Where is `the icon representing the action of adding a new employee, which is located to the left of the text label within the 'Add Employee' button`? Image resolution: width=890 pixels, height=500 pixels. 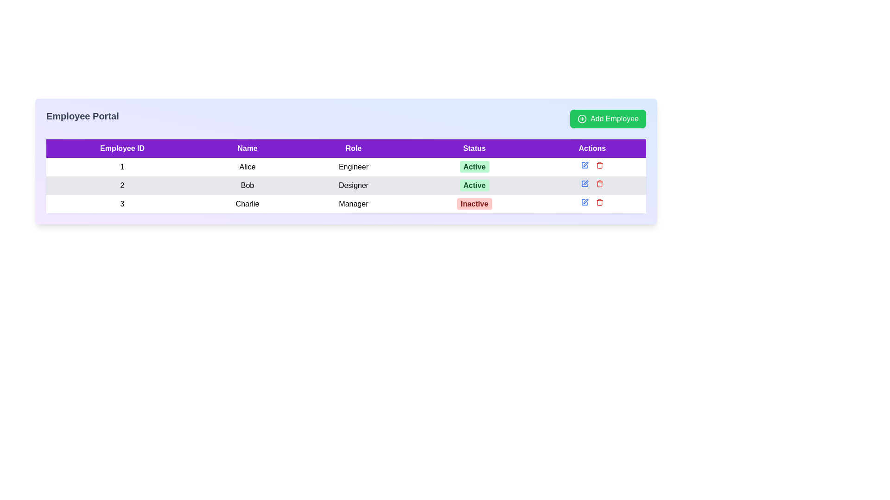
the icon representing the action of adding a new employee, which is located to the left of the text label within the 'Add Employee' button is located at coordinates (581, 119).